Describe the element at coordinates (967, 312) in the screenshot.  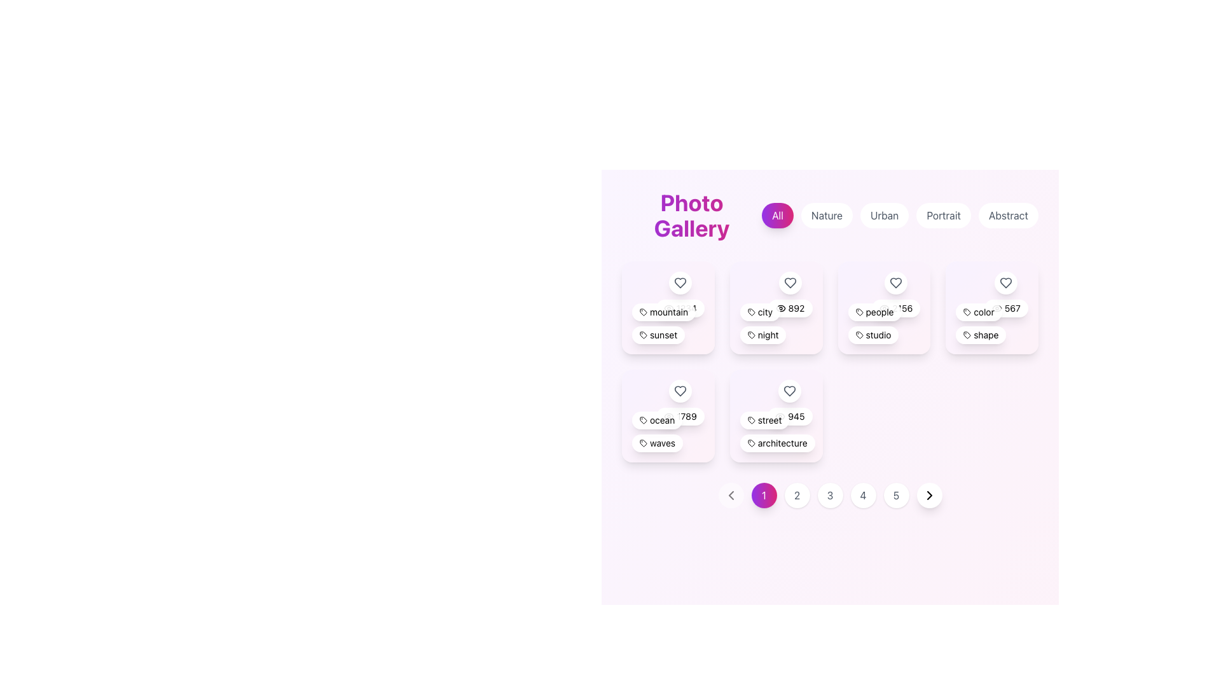
I see `the SVG tag icon element located in the fourth card of the first row in the card grid layout, which has a dark stroke and a minimalistic design` at that location.